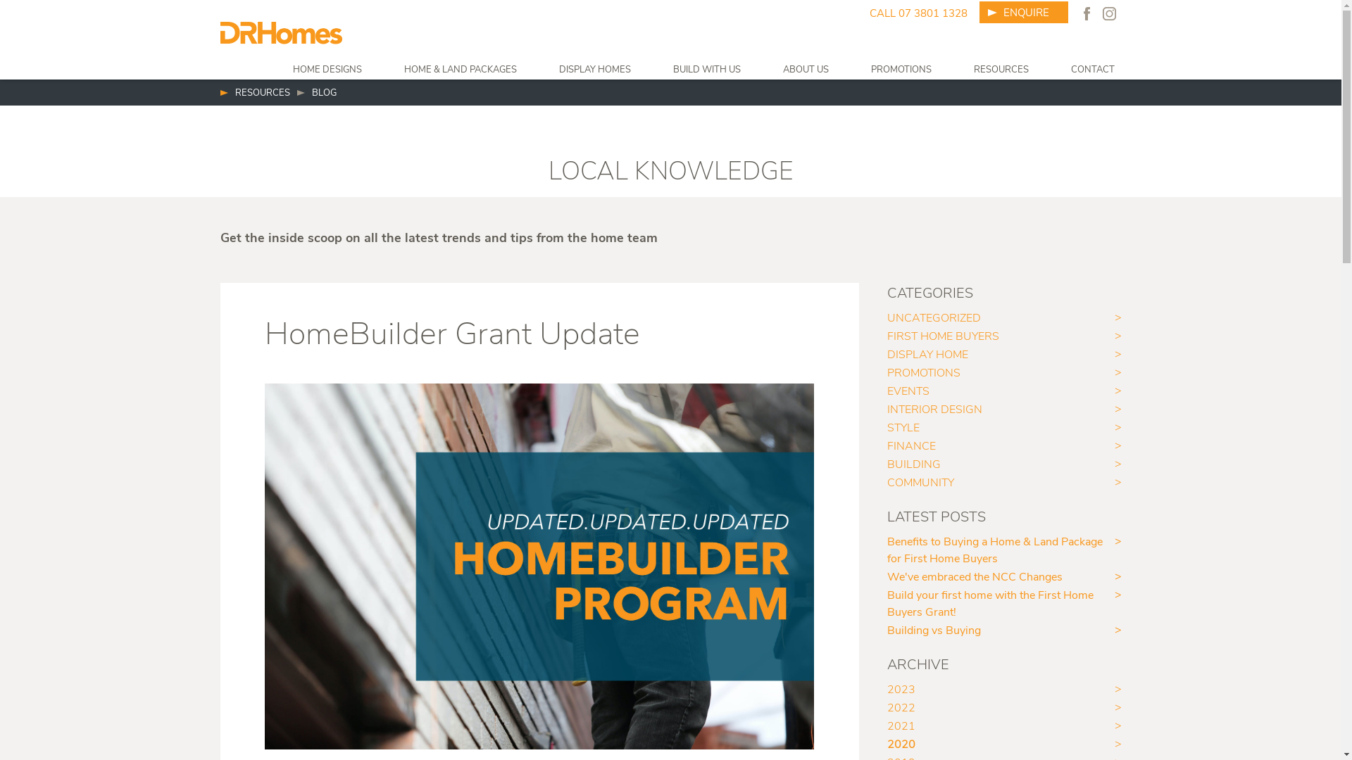 This screenshot has width=1352, height=760. Describe the element at coordinates (1003, 445) in the screenshot. I see `'FINANCE'` at that location.